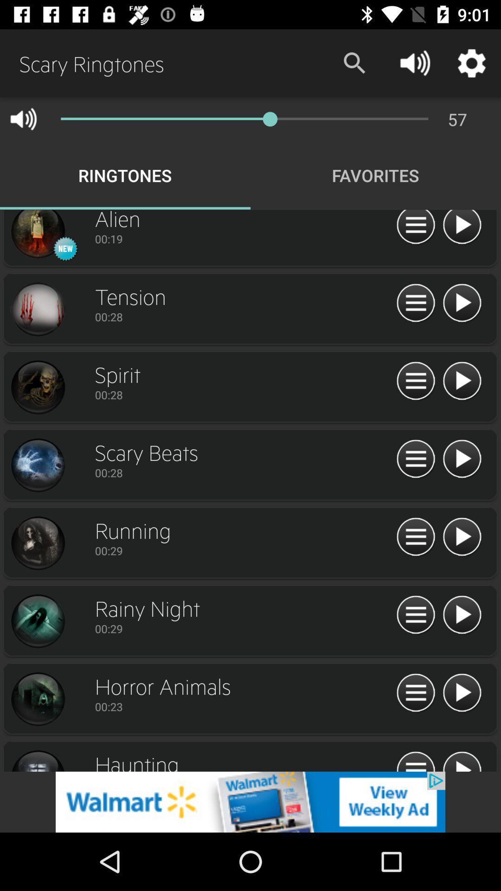 Image resolution: width=501 pixels, height=891 pixels. Describe the element at coordinates (462, 459) in the screenshot. I see `to play particular` at that location.